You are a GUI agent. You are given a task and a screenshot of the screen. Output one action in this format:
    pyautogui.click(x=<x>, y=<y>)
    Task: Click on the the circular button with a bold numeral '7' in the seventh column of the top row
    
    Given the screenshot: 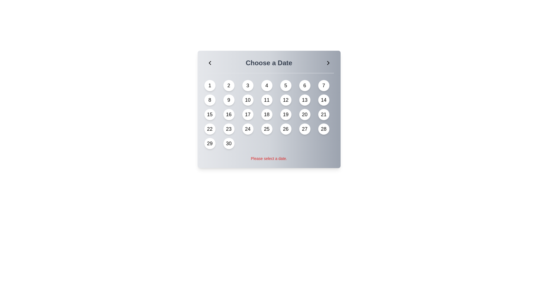 What is the action you would take?
    pyautogui.click(x=324, y=86)
    